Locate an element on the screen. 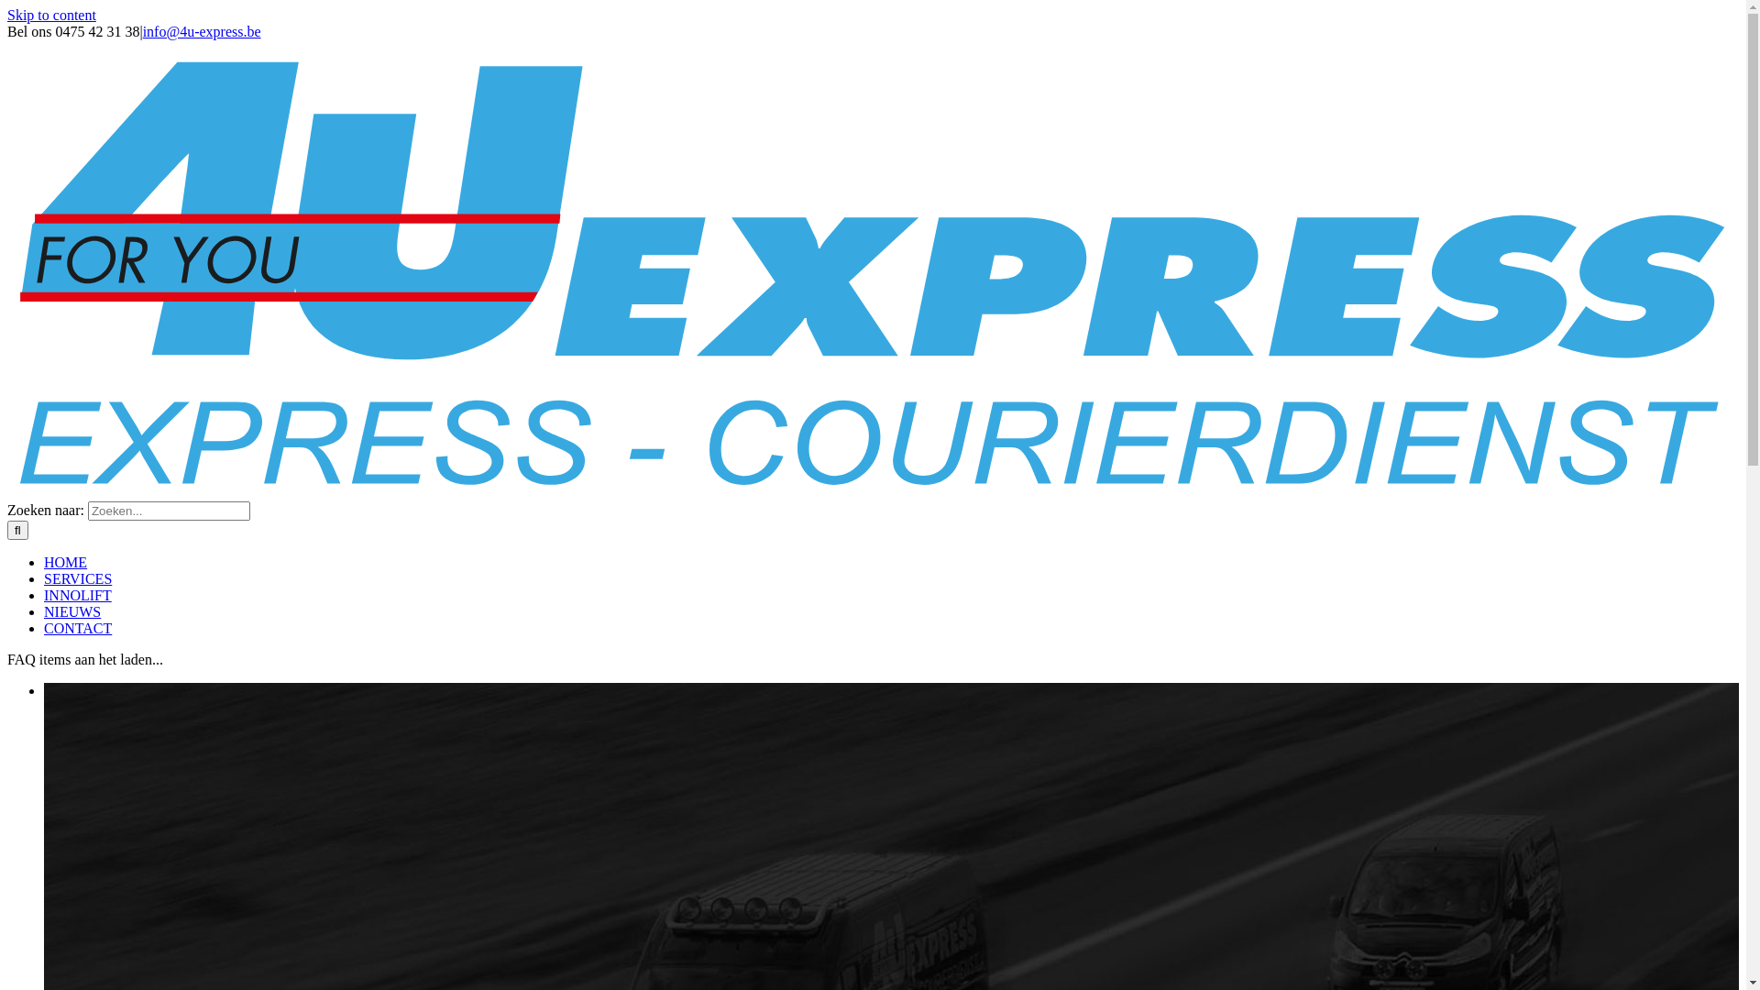  'HOME' is located at coordinates (65, 561).